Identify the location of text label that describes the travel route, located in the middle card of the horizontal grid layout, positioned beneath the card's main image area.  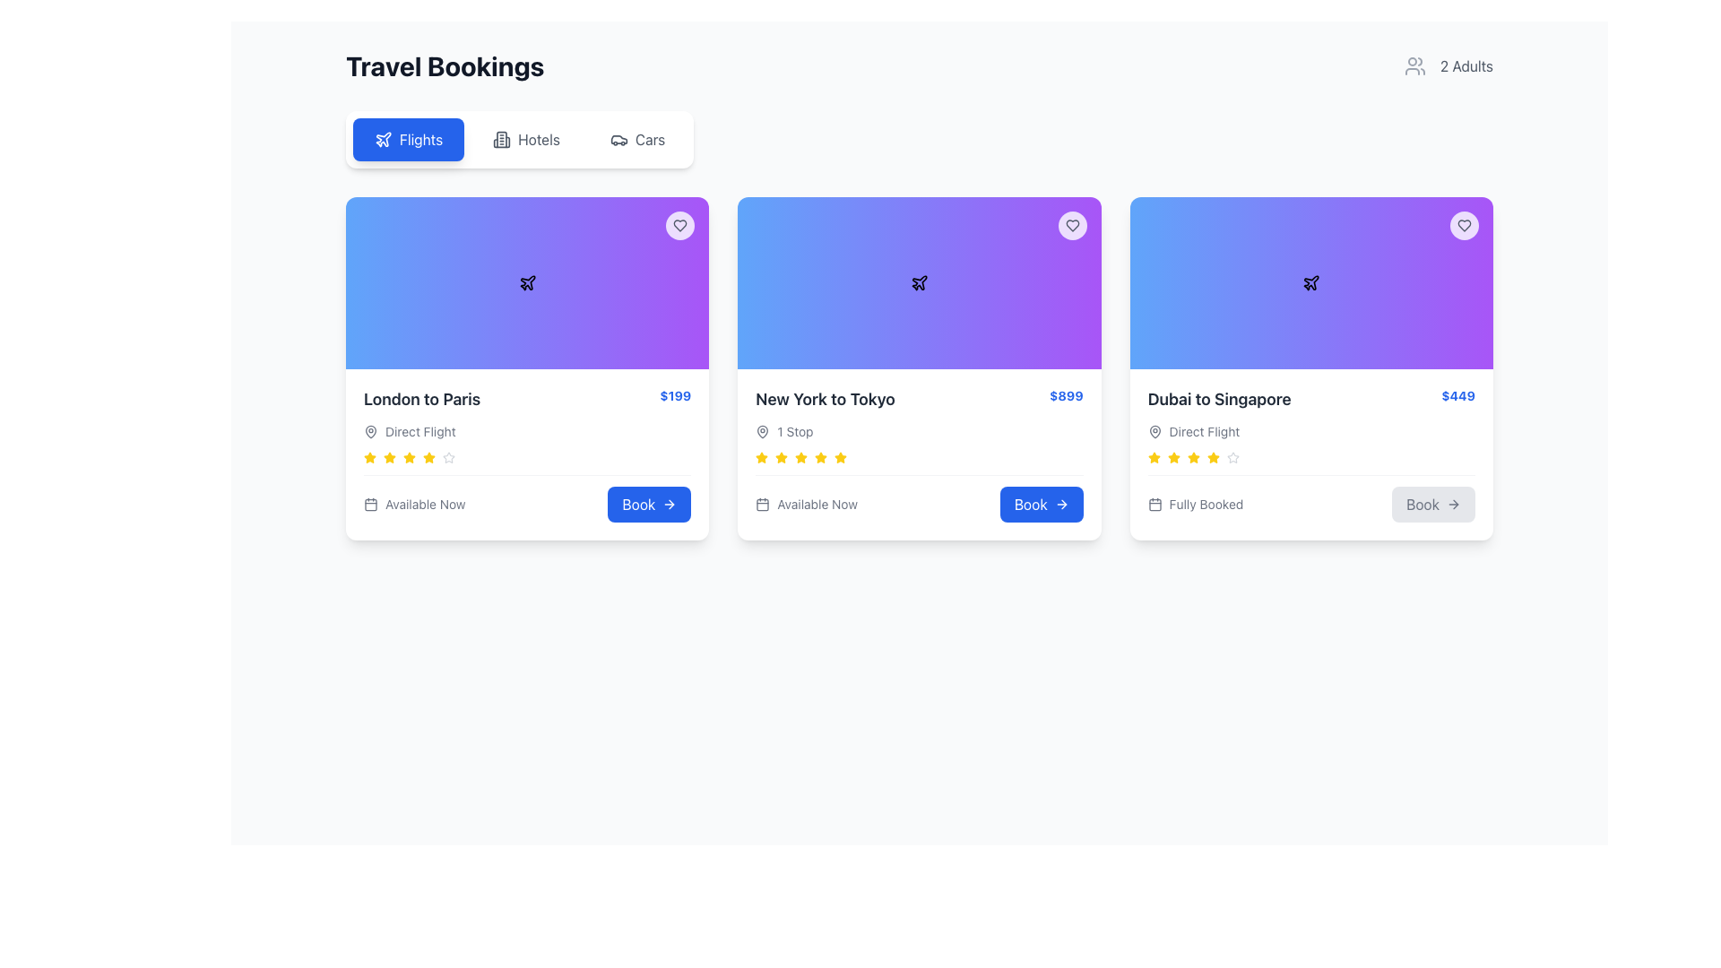
(825, 399).